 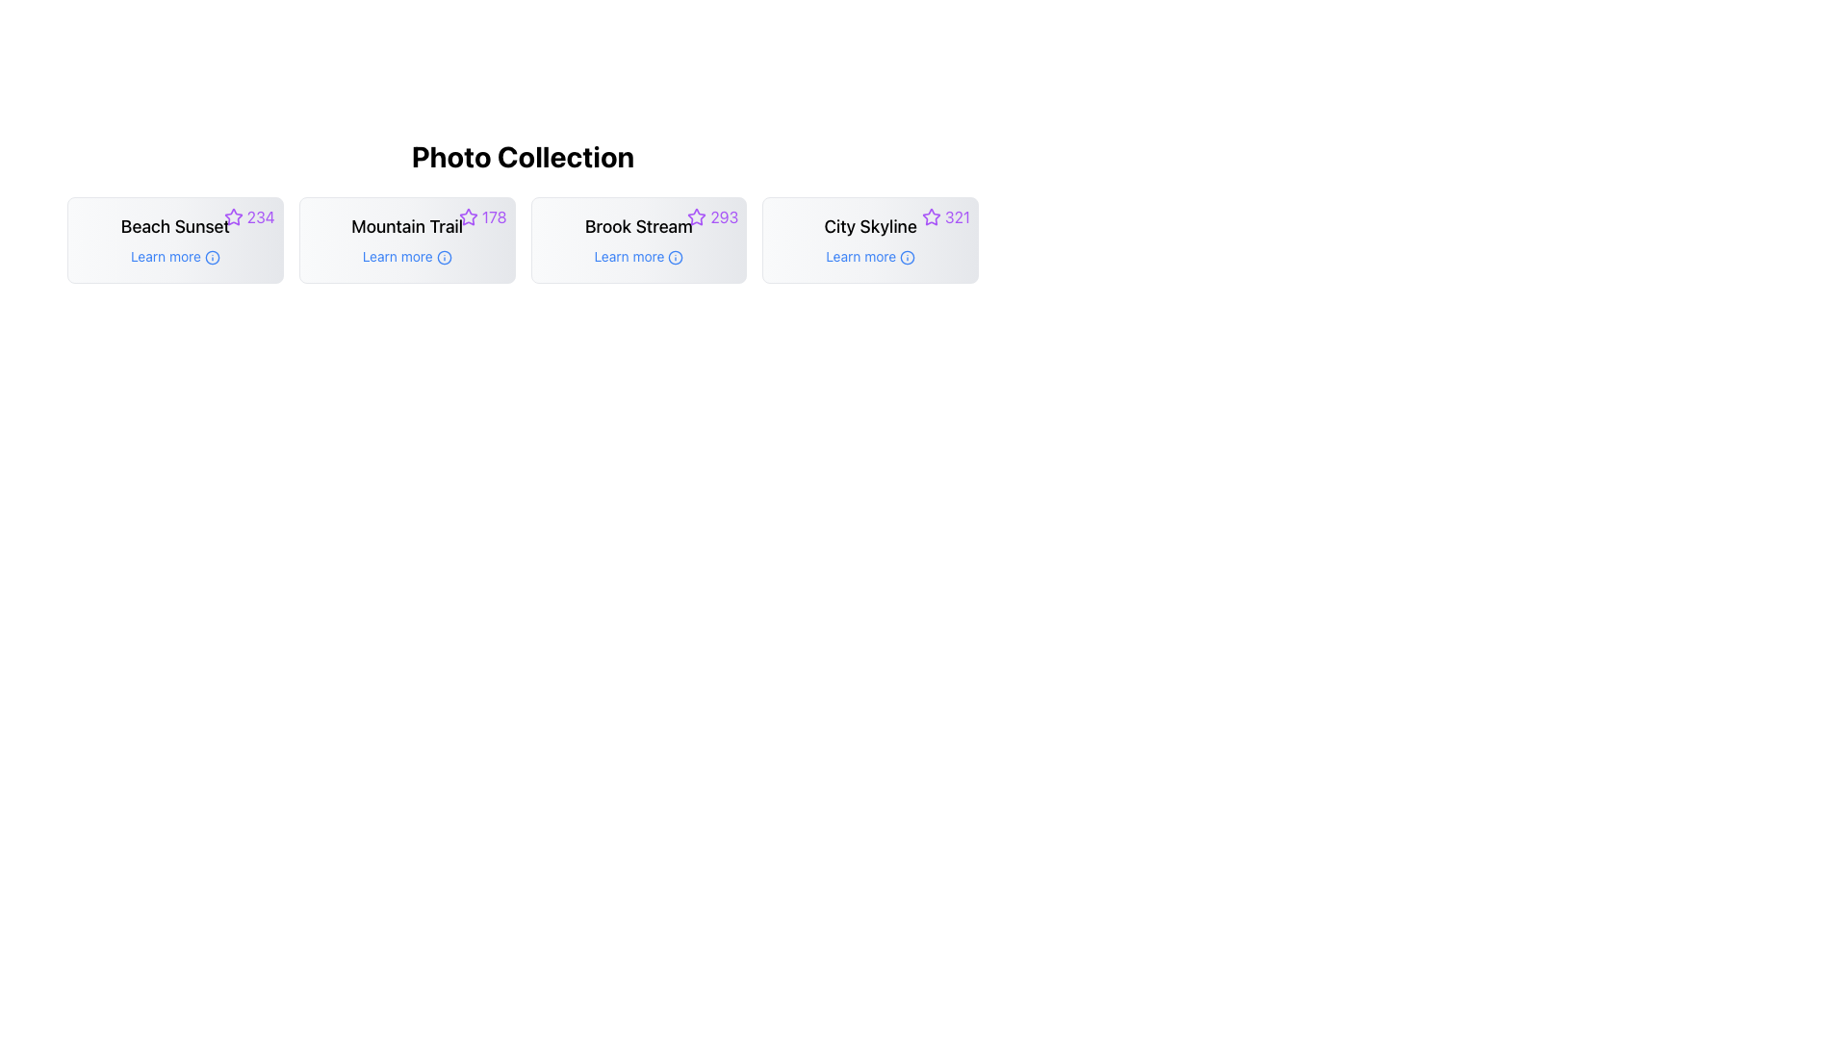 What do you see at coordinates (638, 255) in the screenshot?
I see `the clickable hyperlink that provides more information about the 'Brook Stream' section, located centrally below the 'Brook Stream' text and above the info icon` at bounding box center [638, 255].